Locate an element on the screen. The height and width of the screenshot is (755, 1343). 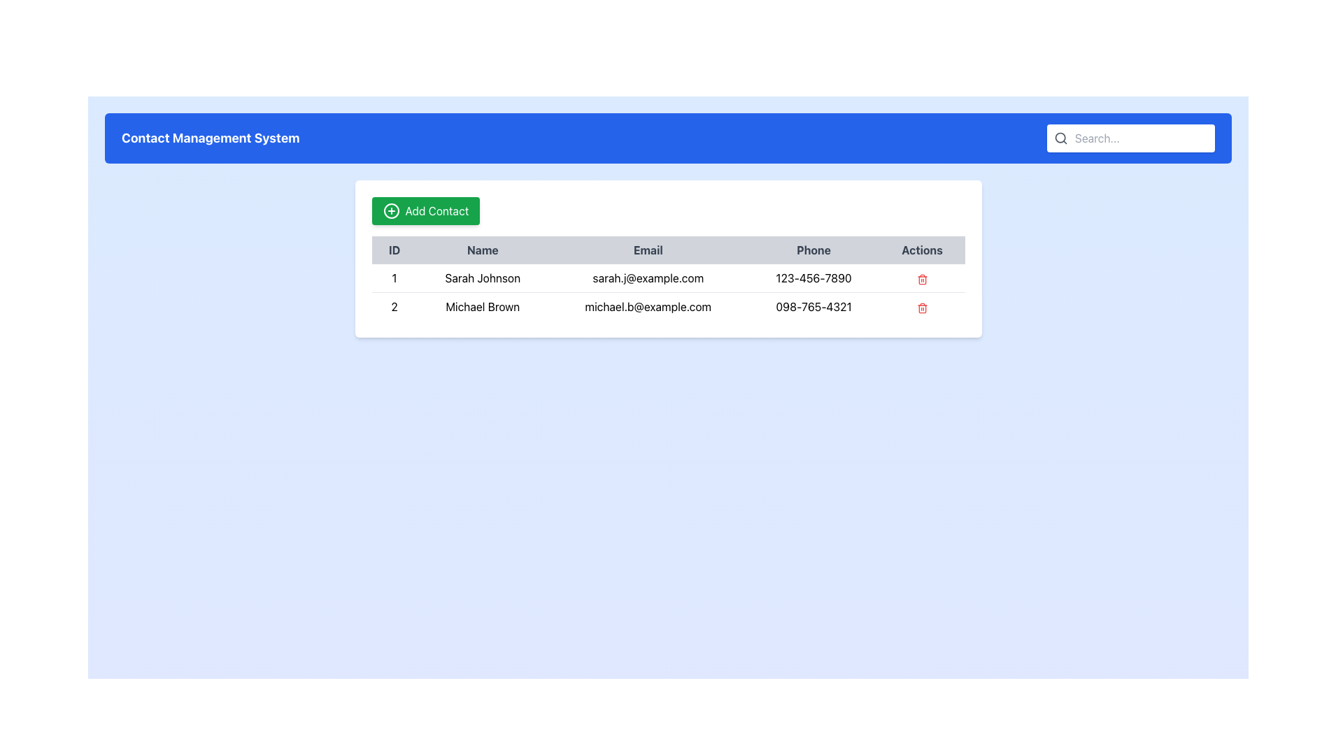
the delete icon located at the rightmost position of the second row in the table, adjacent to the 'Phone' column value '098-765-4321' is located at coordinates (922, 306).